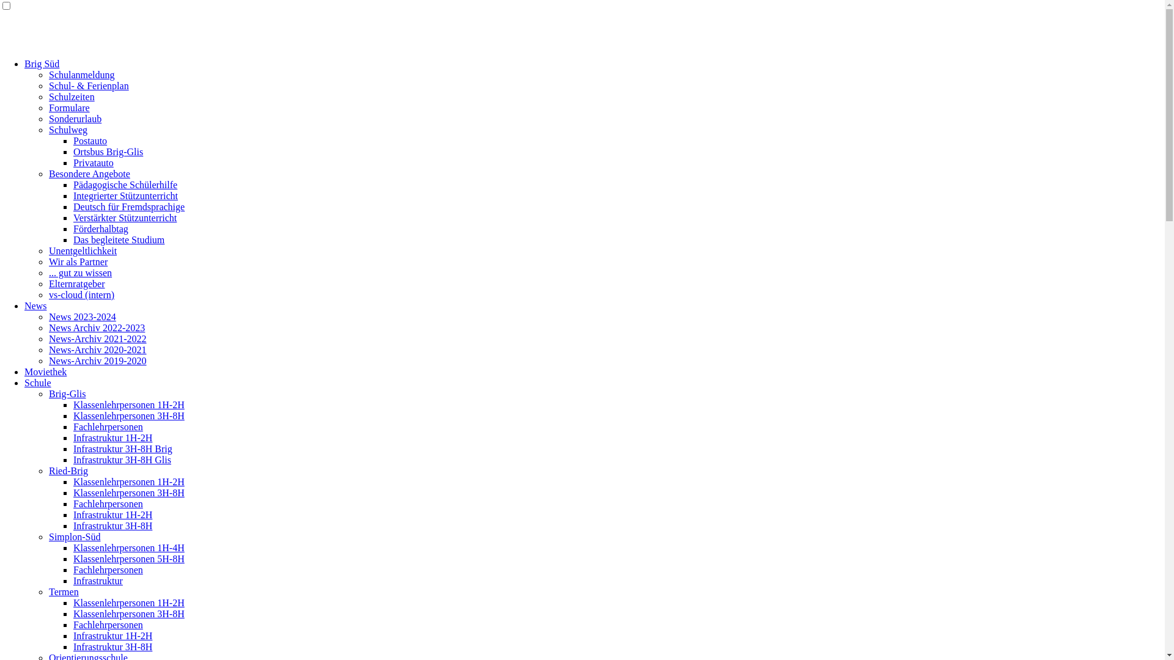 The height and width of the screenshot is (660, 1174). What do you see at coordinates (79, 272) in the screenshot?
I see `'... gut zu wissen'` at bounding box center [79, 272].